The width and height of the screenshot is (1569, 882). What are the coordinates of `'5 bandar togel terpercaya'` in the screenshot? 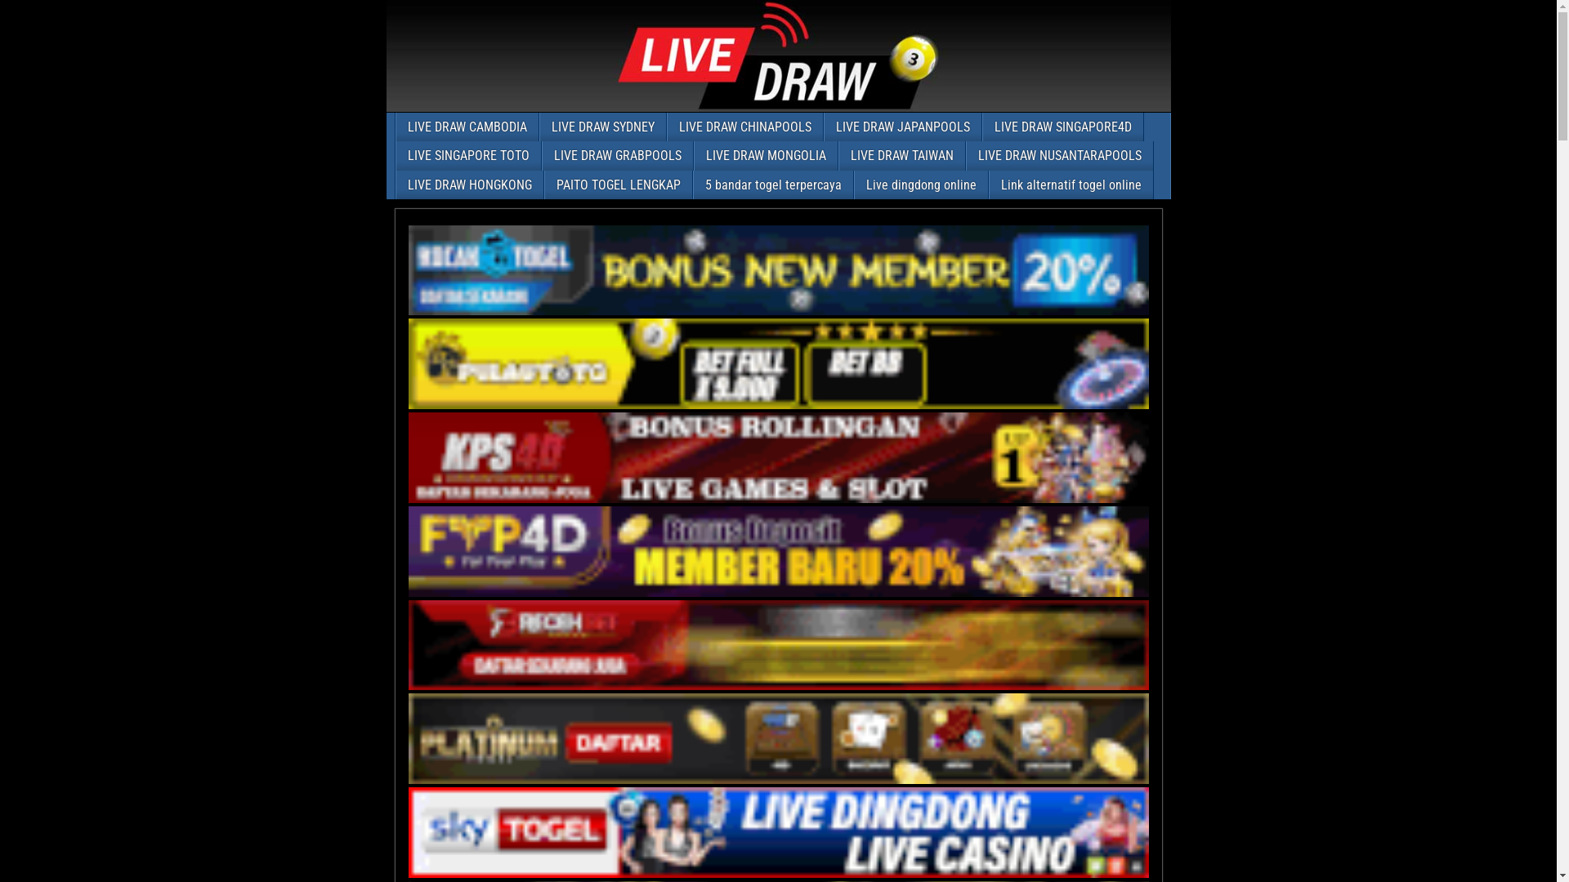 It's located at (771, 184).